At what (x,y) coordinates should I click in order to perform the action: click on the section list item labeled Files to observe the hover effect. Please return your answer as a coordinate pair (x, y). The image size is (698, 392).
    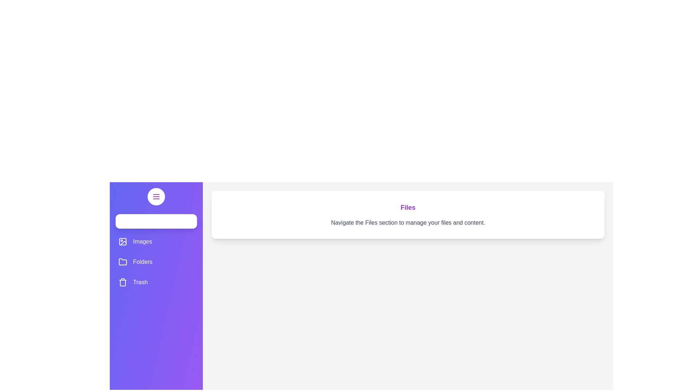
    Looking at the image, I should click on (156, 221).